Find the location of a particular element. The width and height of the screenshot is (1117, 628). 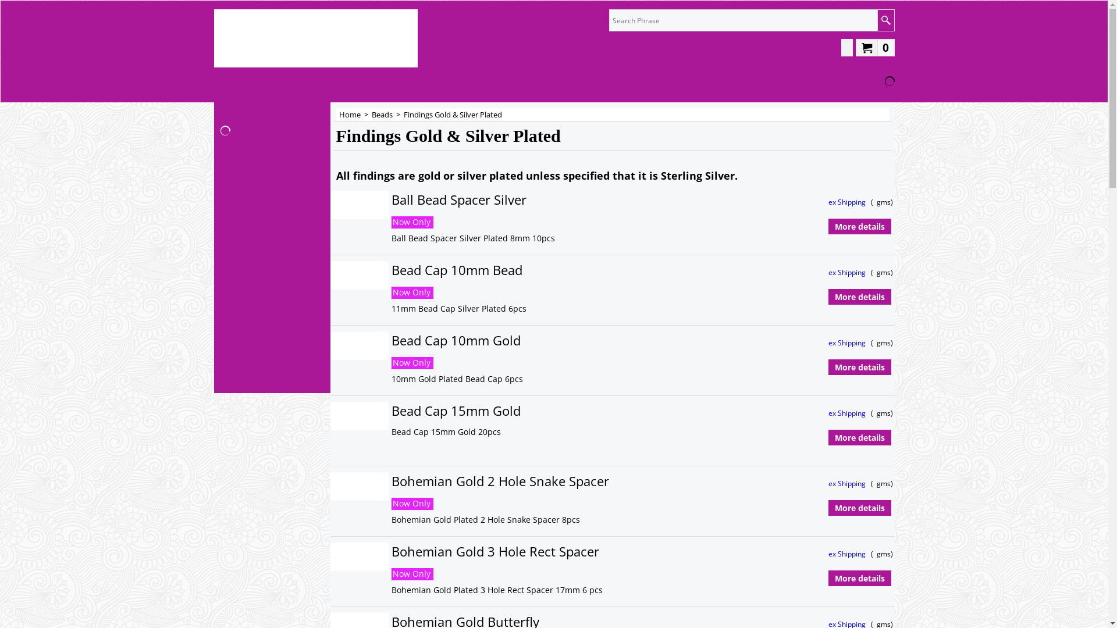

'Bohemian Gold 2 Hole Snake Spacer' is located at coordinates (581, 481).